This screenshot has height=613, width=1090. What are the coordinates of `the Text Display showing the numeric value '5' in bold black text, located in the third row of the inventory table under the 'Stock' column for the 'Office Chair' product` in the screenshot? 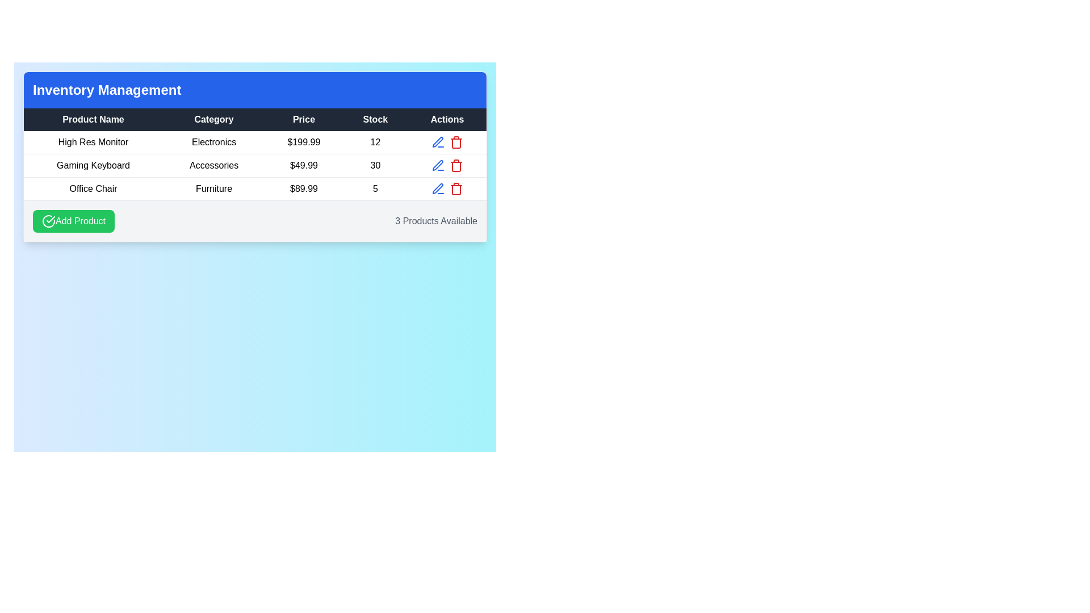 It's located at (375, 188).